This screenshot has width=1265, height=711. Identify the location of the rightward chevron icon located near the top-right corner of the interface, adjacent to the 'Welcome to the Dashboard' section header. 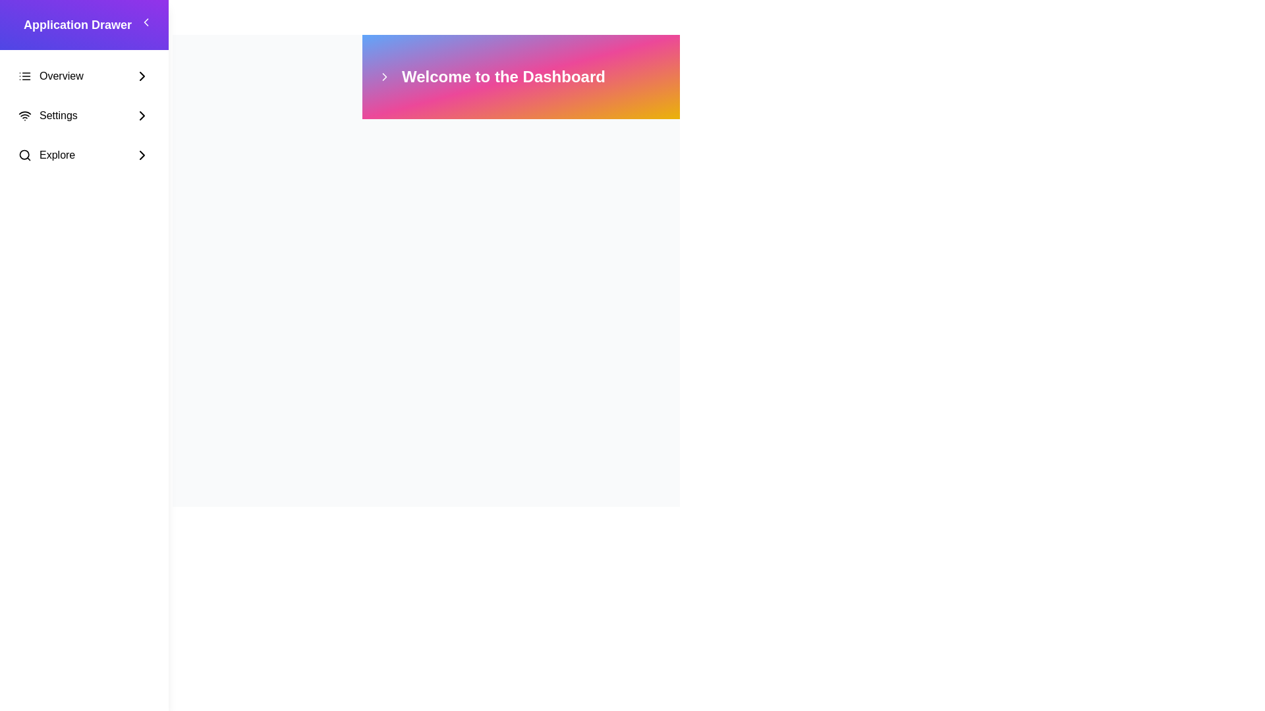
(142, 115).